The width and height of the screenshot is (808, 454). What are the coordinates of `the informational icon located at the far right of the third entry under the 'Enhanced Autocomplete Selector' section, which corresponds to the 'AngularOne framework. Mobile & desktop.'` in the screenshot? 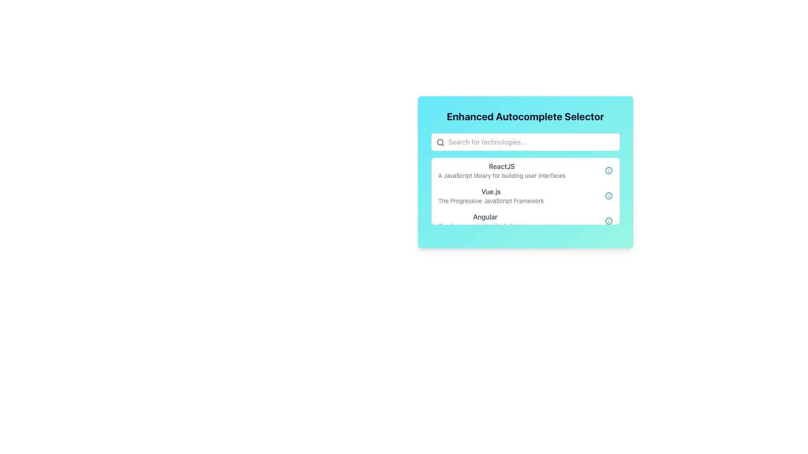 It's located at (609, 220).